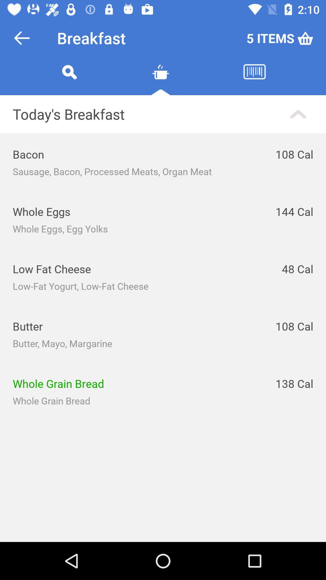 The height and width of the screenshot is (580, 326). What do you see at coordinates (69, 79) in the screenshot?
I see `search query` at bounding box center [69, 79].